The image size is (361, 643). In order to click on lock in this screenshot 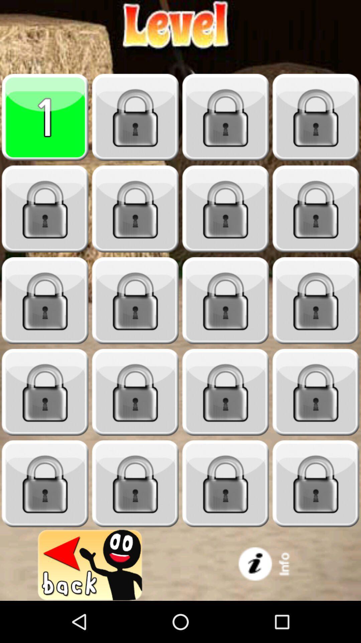, I will do `click(226, 117)`.